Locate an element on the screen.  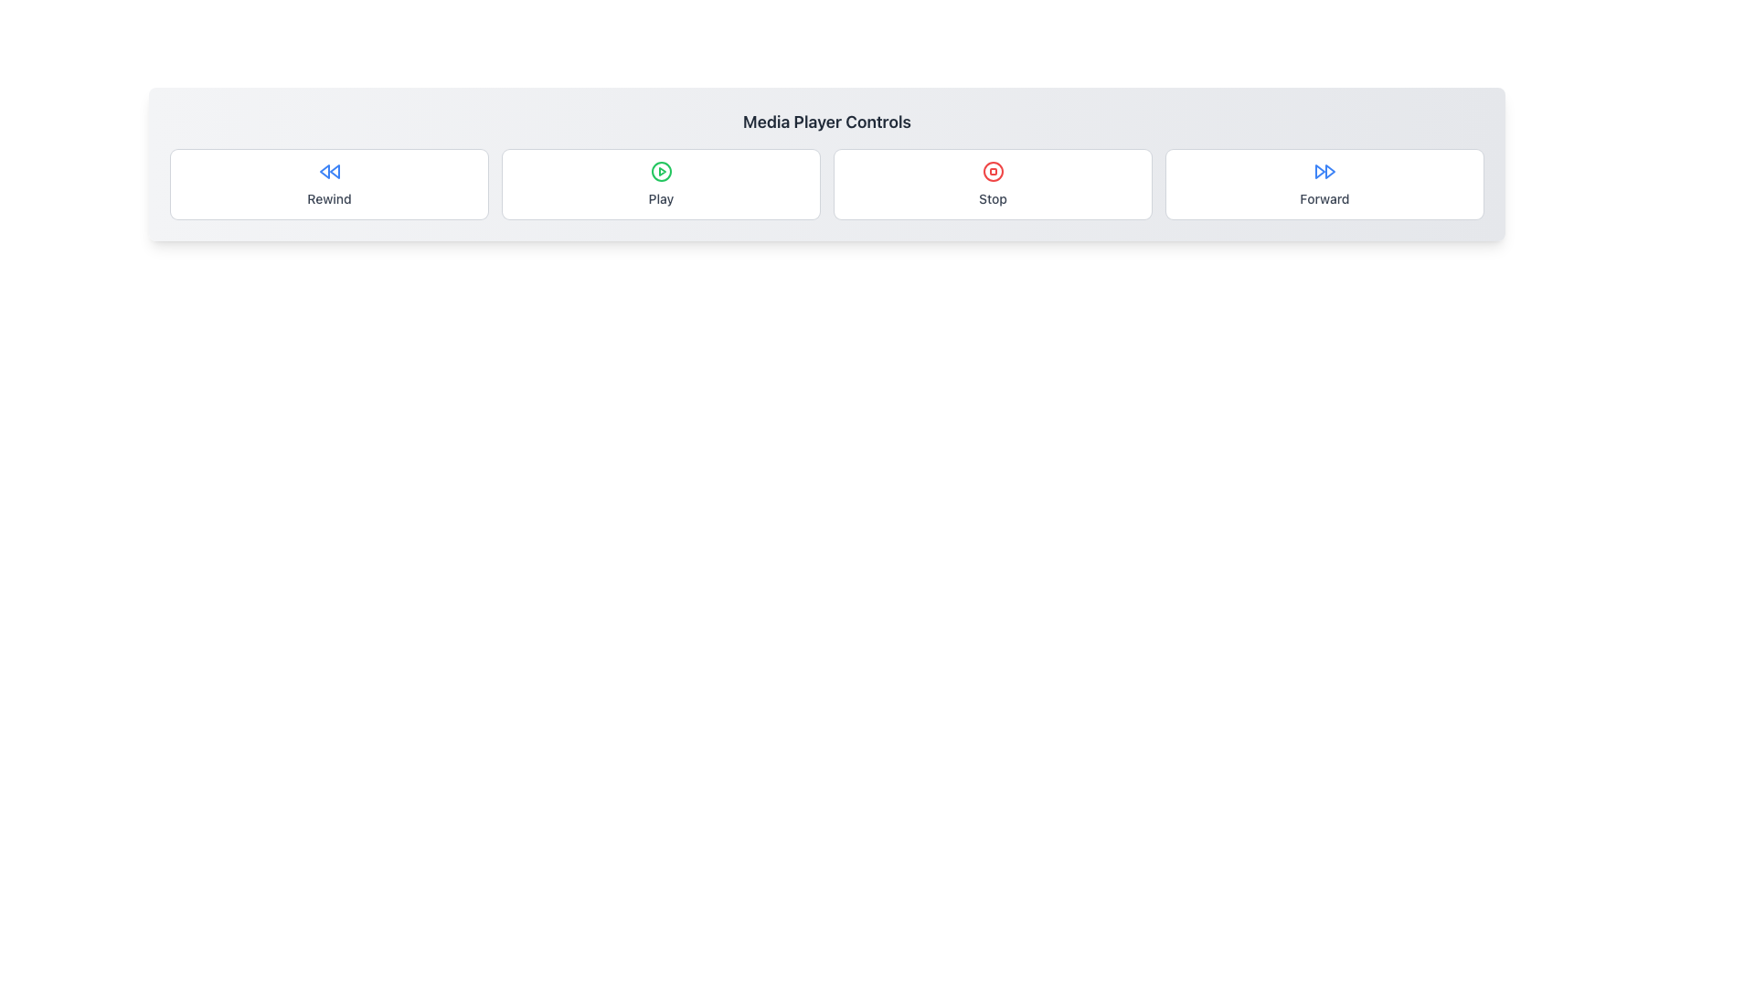
the 'Stop' button, which is a rectangular button with a white background and a red circular 'Stop' icon, to trigger visual feedback is located at coordinates (992, 184).